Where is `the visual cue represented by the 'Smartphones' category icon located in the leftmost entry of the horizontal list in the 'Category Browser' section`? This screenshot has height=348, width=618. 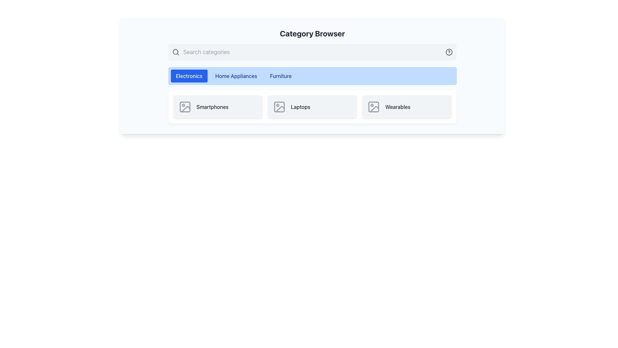
the visual cue represented by the 'Smartphones' category icon located in the leftmost entry of the horizontal list in the 'Category Browser' section is located at coordinates (184, 106).